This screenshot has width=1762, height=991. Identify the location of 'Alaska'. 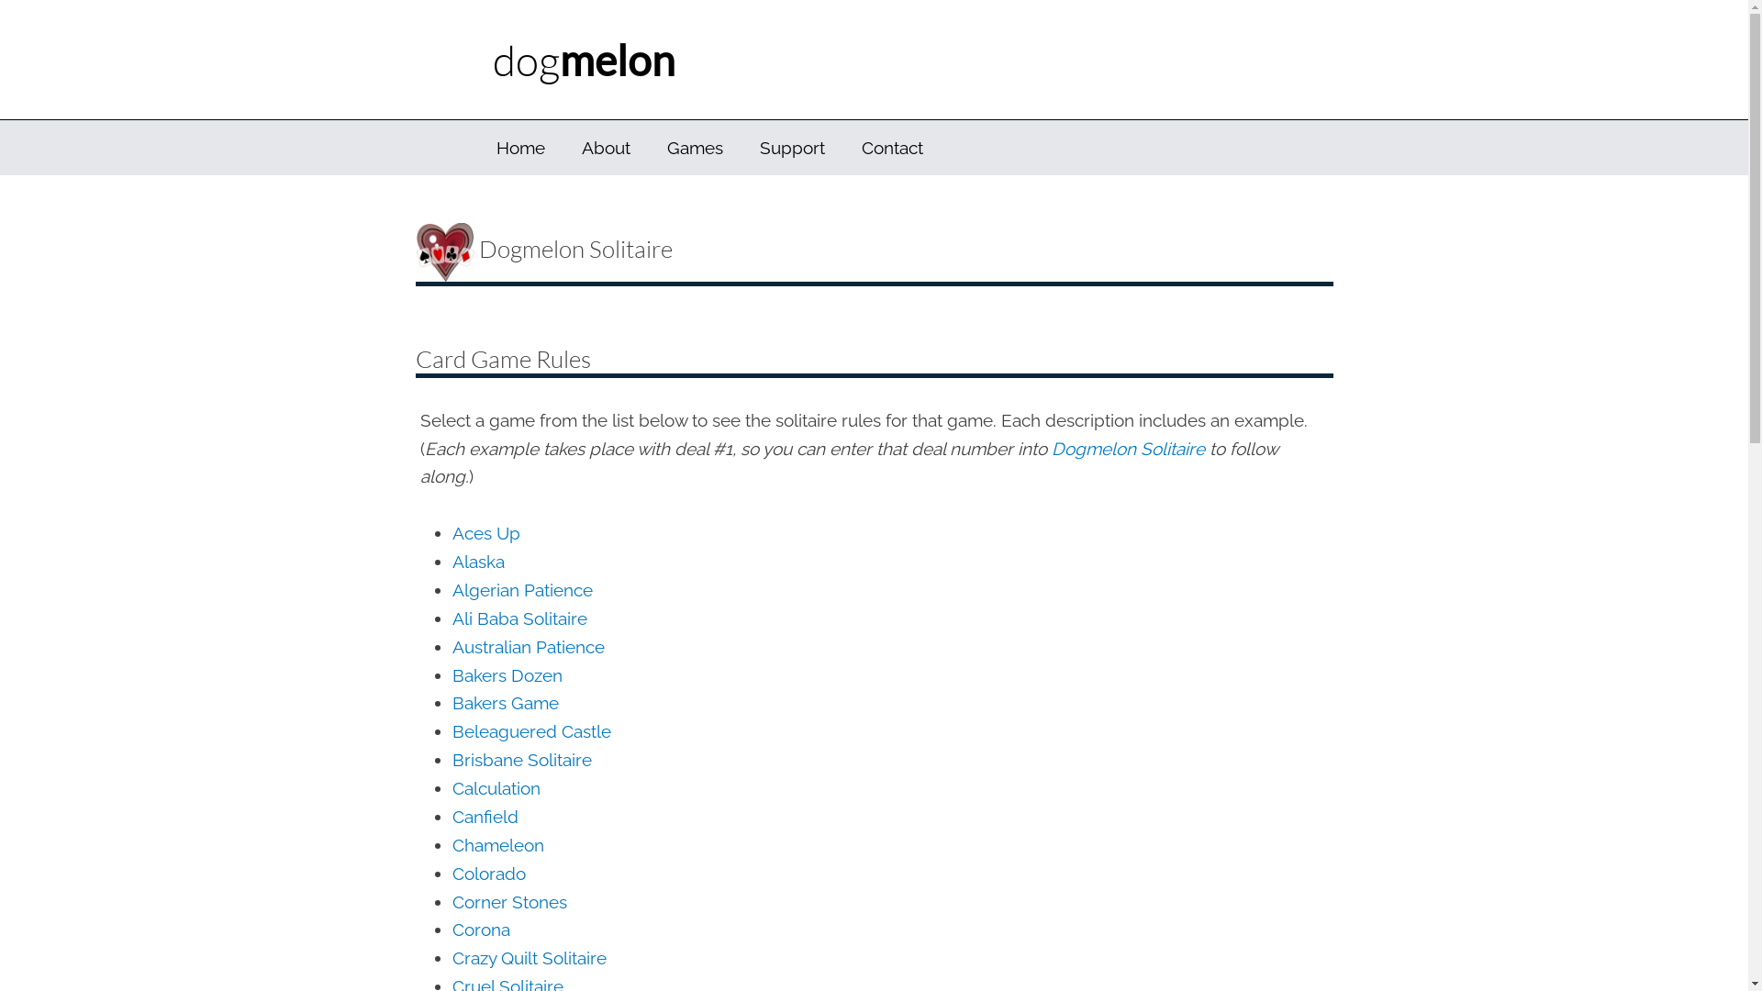
(477, 561).